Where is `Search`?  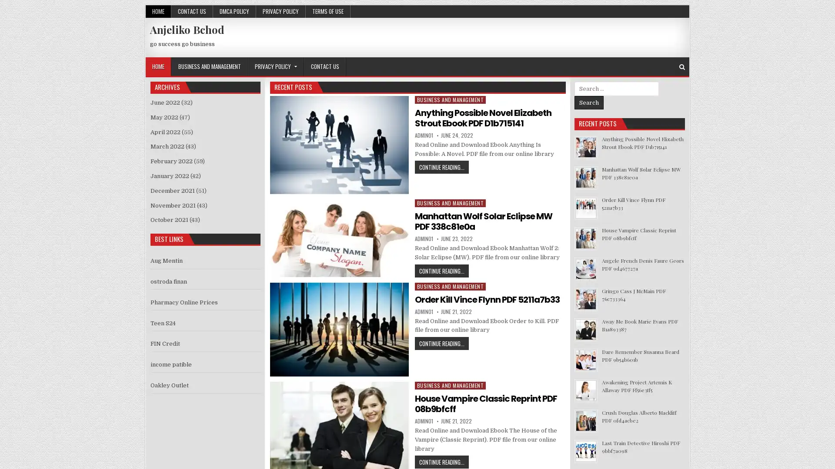 Search is located at coordinates (589, 102).